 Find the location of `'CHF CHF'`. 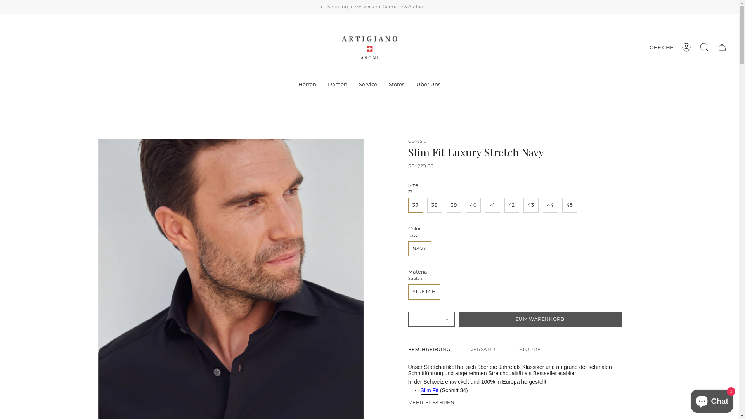

'CHF CHF' is located at coordinates (661, 47).